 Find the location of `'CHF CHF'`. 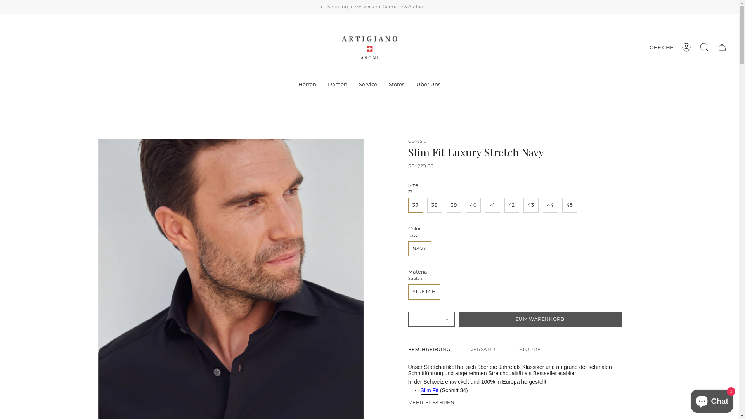

'CHF CHF' is located at coordinates (661, 47).